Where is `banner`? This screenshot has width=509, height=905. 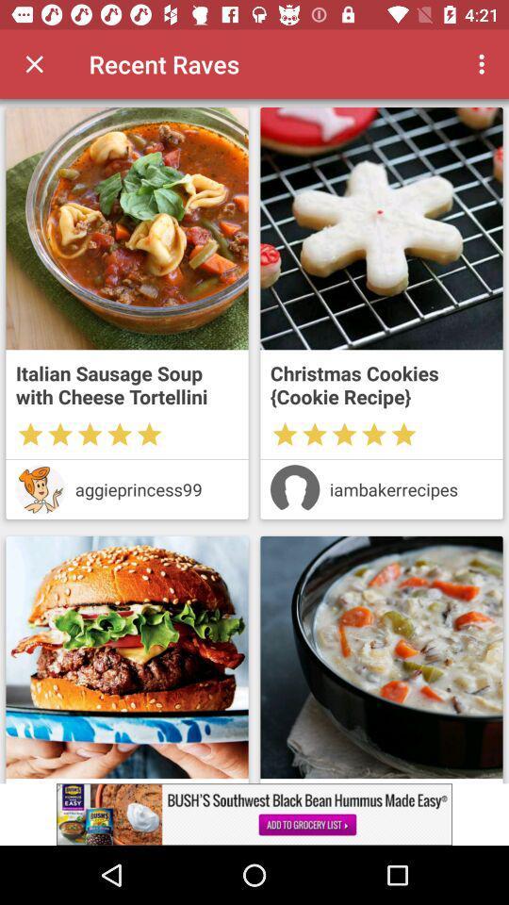 banner is located at coordinates (254, 814).